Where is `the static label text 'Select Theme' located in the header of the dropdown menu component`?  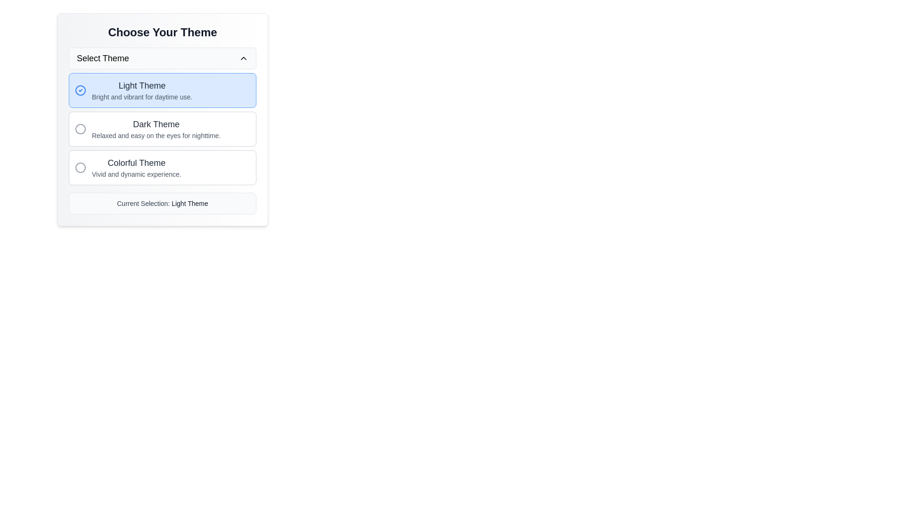 the static label text 'Select Theme' located in the header of the dropdown menu component is located at coordinates (103, 58).